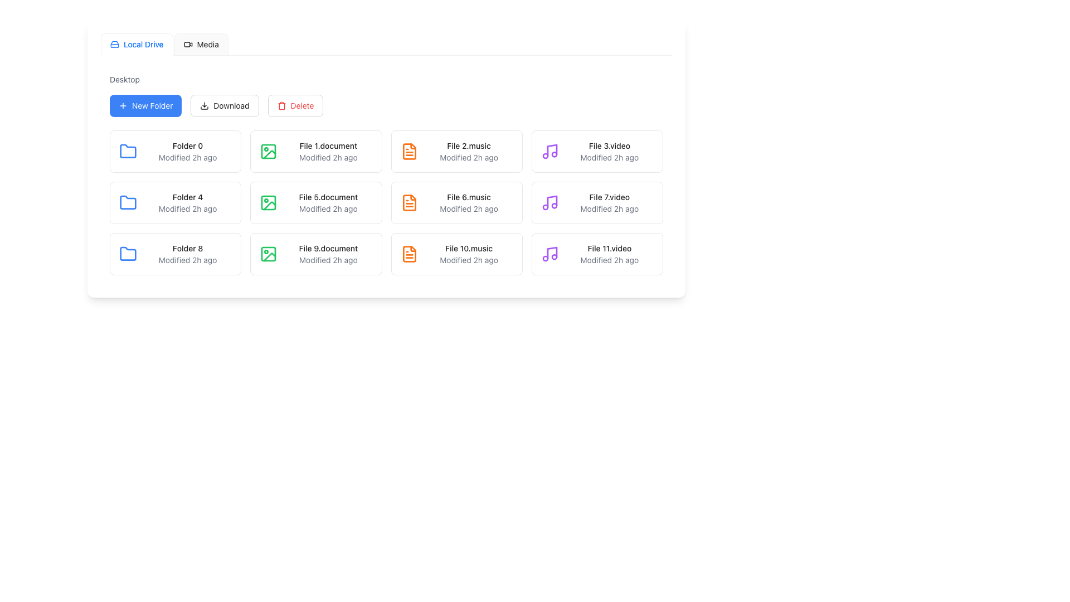  Describe the element at coordinates (175, 152) in the screenshot. I see `the folder element in the file manager interface, which contains information about the folder's name and last modification time, located in the first row and first column of the grid layout` at that location.